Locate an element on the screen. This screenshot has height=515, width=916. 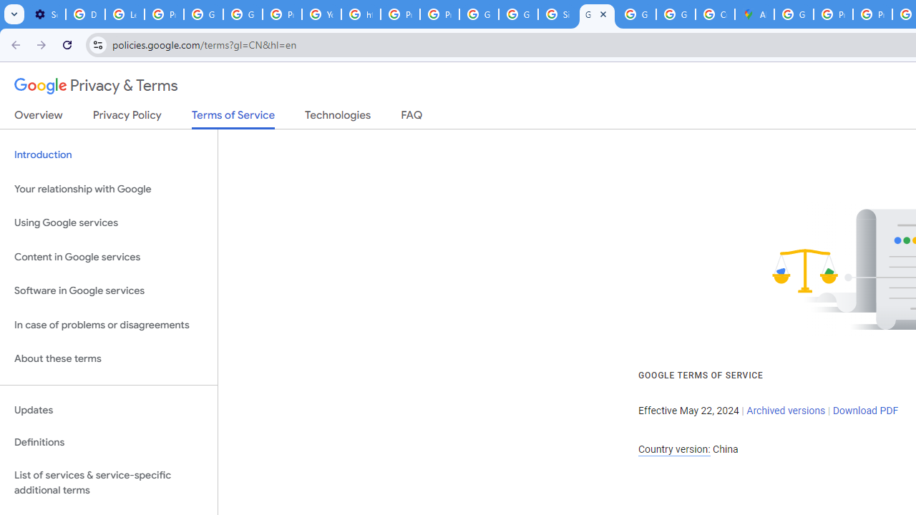
'Settings - On startup' is located at coordinates (46, 14).